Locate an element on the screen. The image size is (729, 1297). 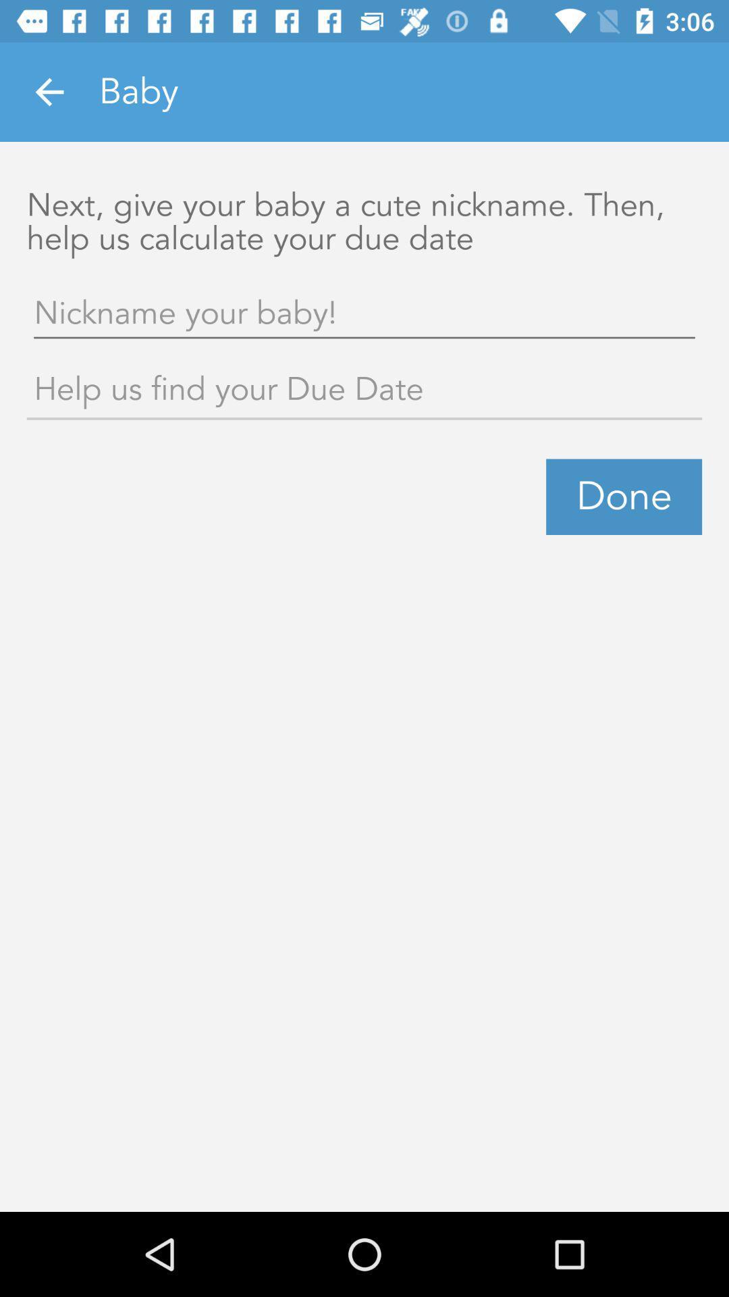
help find your due date is located at coordinates (364, 391).